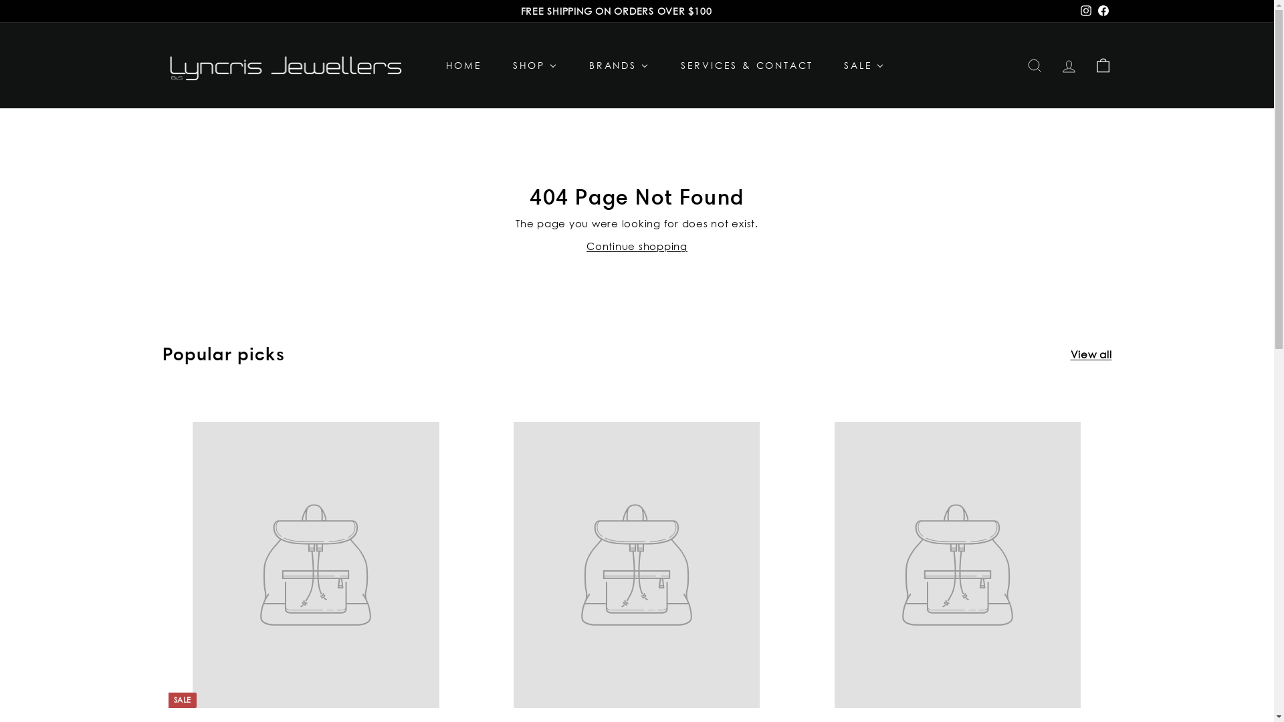 Image resolution: width=1284 pixels, height=722 pixels. I want to click on 'SHOP', so click(535, 65).